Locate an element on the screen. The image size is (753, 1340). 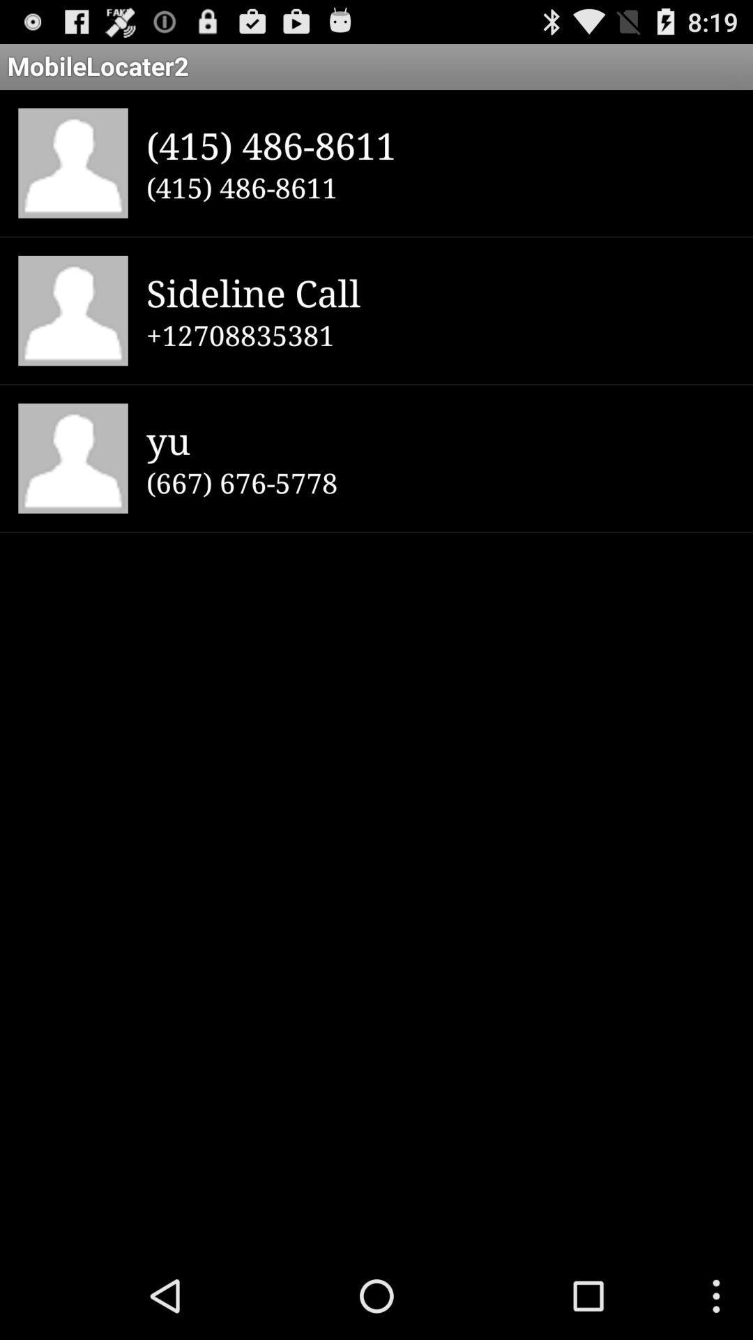
icon above yu app is located at coordinates (440, 335).